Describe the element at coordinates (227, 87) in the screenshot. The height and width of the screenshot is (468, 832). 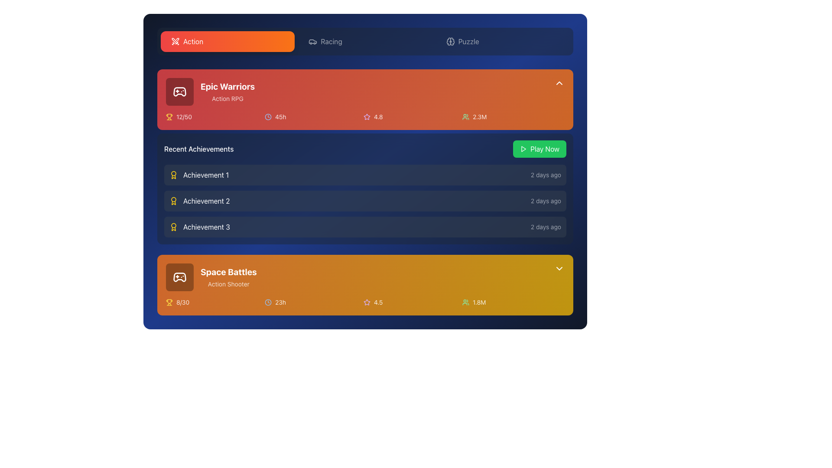
I see `the Text Label that serves as the title of the card, which is centrally positioned within the red rectangular area of the card header` at that location.